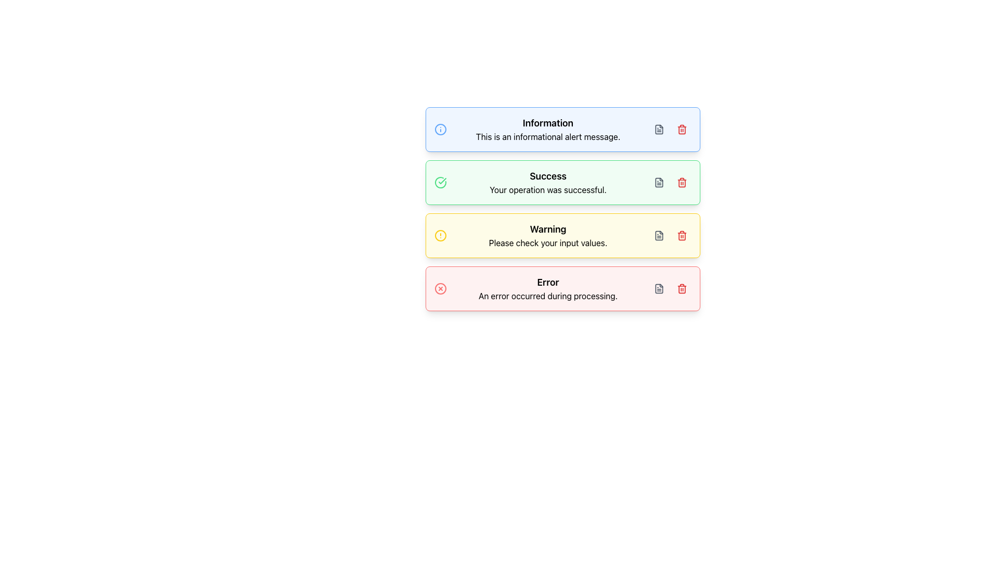  I want to click on the small, gray document-shaped icon with a minimalist design located within the blue 'Information' alert box, so click(658, 129).